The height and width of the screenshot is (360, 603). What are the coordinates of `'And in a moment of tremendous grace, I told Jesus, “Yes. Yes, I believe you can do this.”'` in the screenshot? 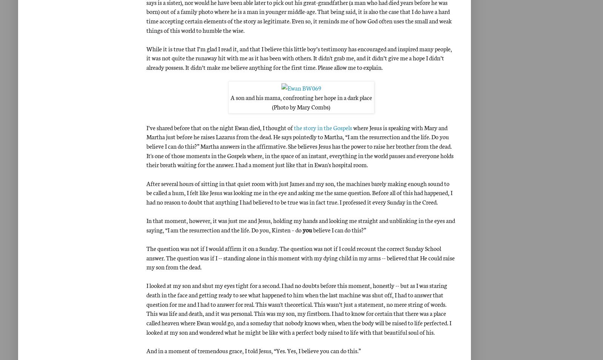 It's located at (253, 350).